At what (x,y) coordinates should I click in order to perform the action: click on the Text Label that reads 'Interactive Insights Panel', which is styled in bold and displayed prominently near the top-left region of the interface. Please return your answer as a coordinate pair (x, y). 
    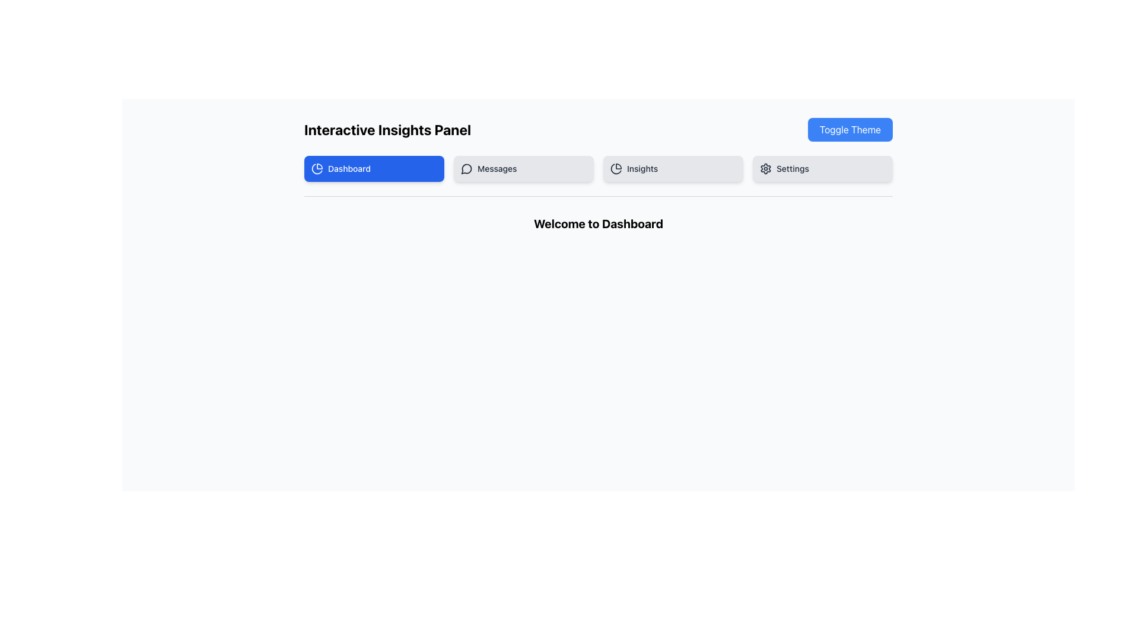
    Looking at the image, I should click on (387, 130).